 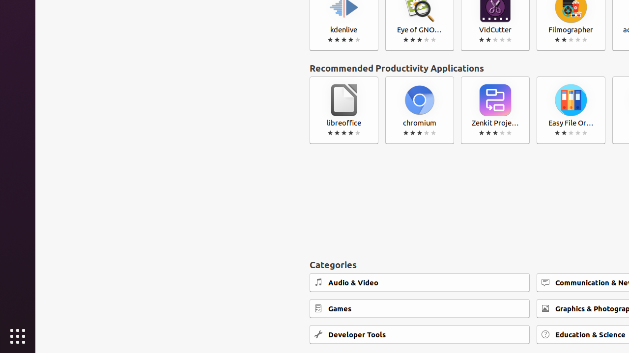 I want to click on 'libreoffice', so click(x=344, y=110).